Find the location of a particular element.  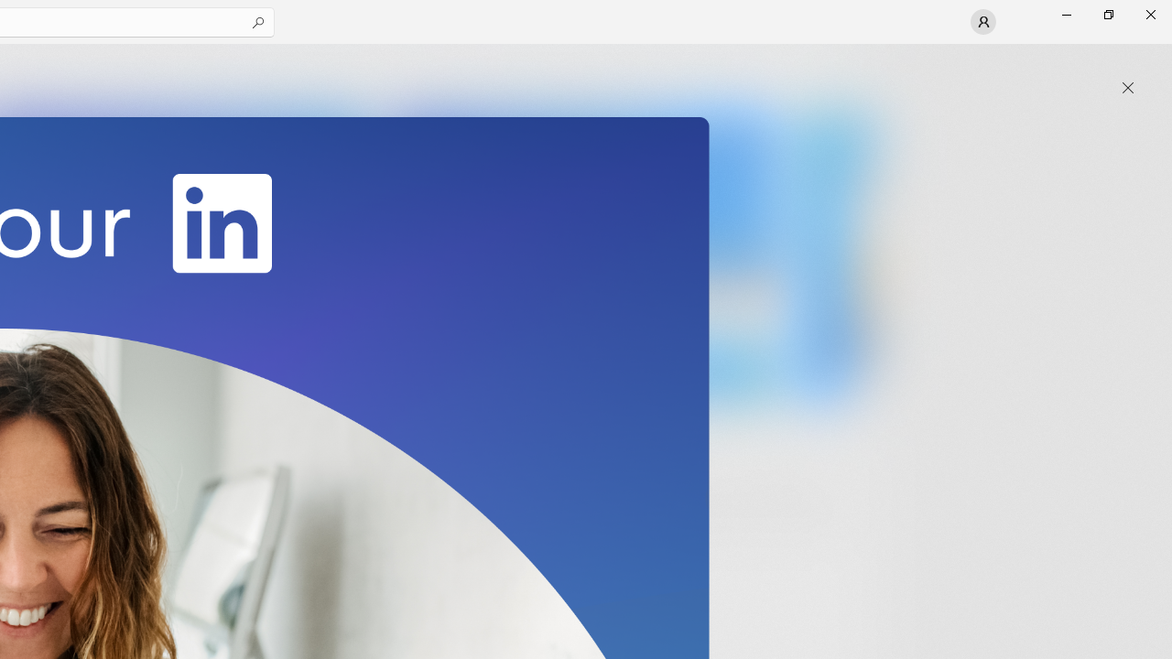

'close popup window' is located at coordinates (1127, 88).